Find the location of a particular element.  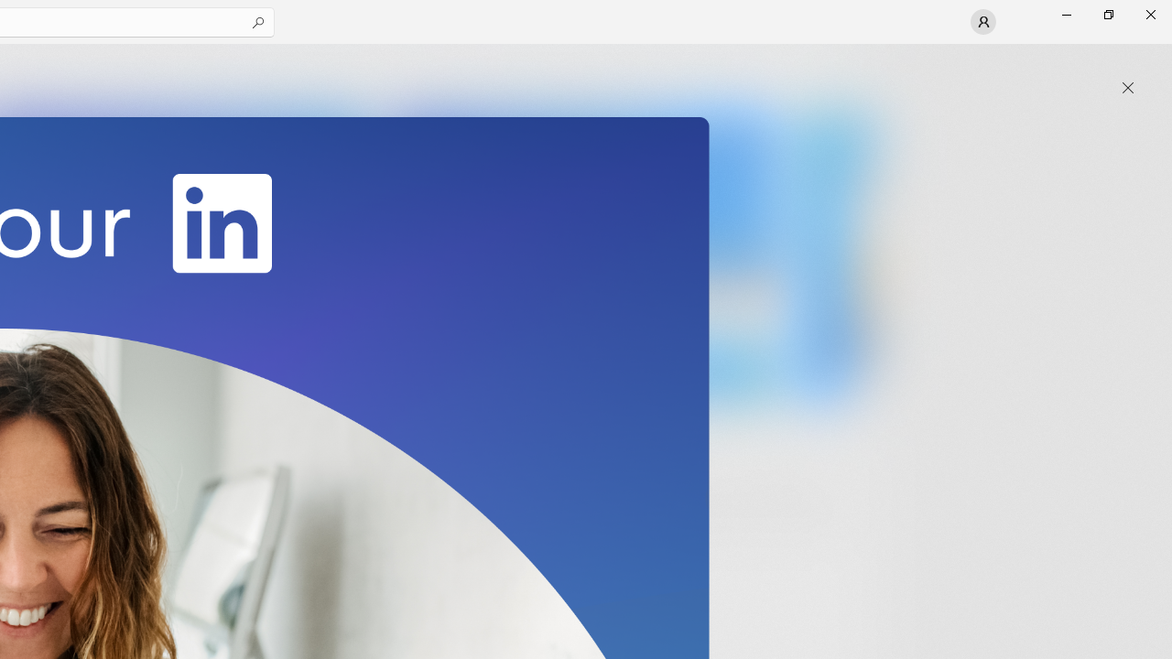

'close popup window' is located at coordinates (1127, 88).